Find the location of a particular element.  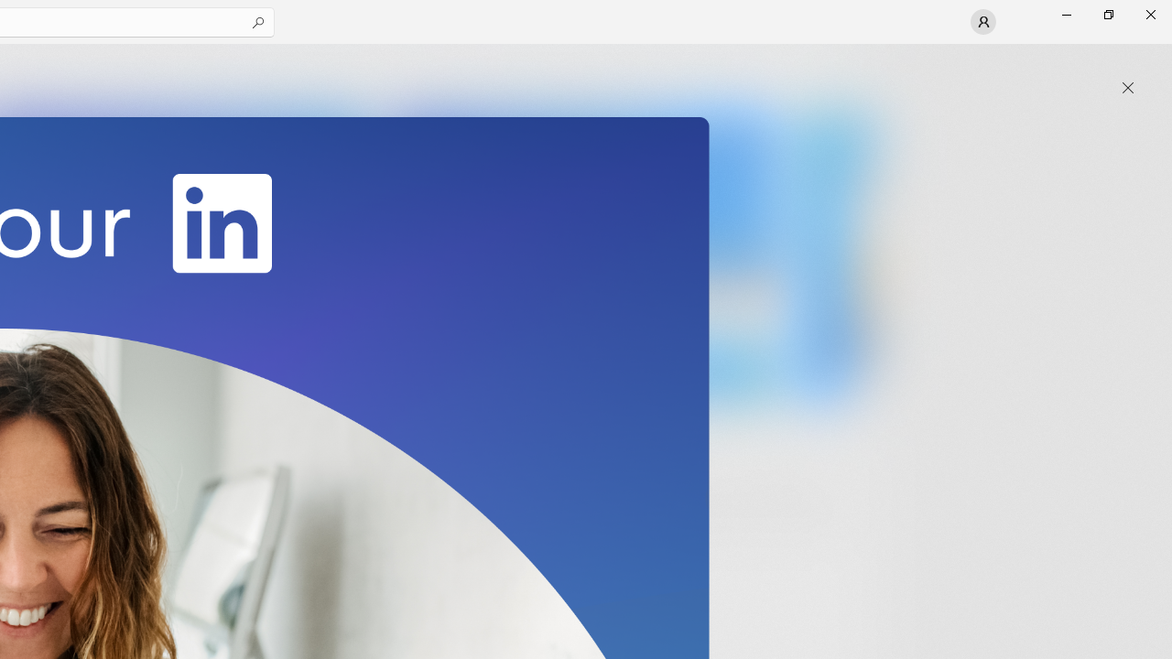

'close popup window' is located at coordinates (1127, 88).